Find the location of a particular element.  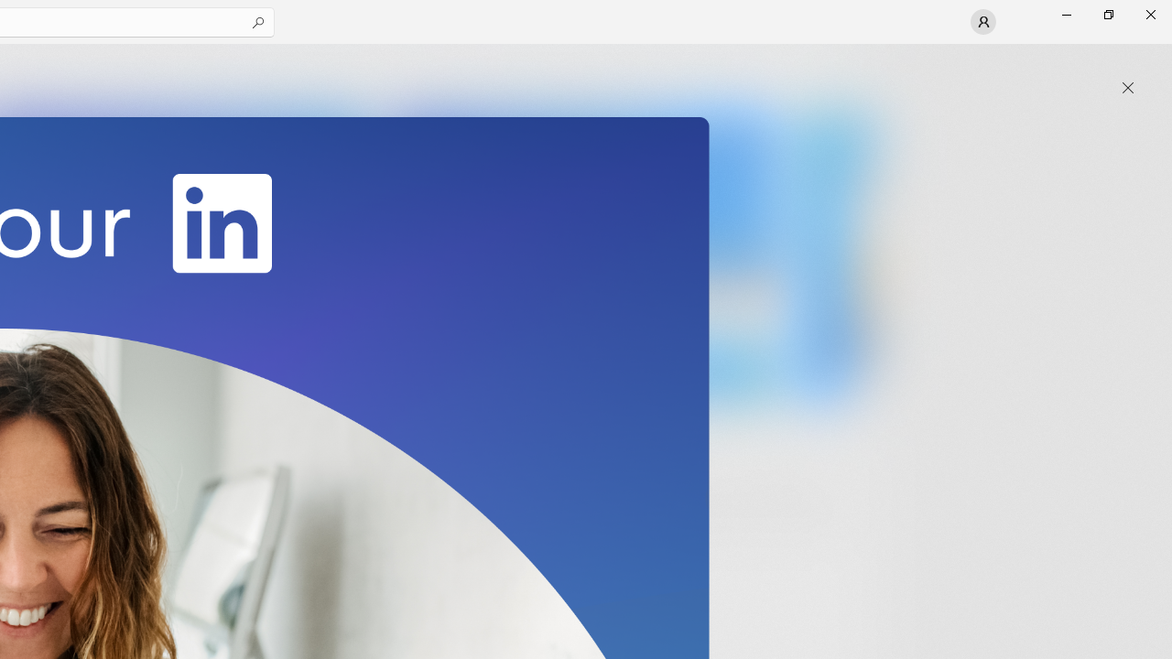

'close popup window' is located at coordinates (1127, 88).